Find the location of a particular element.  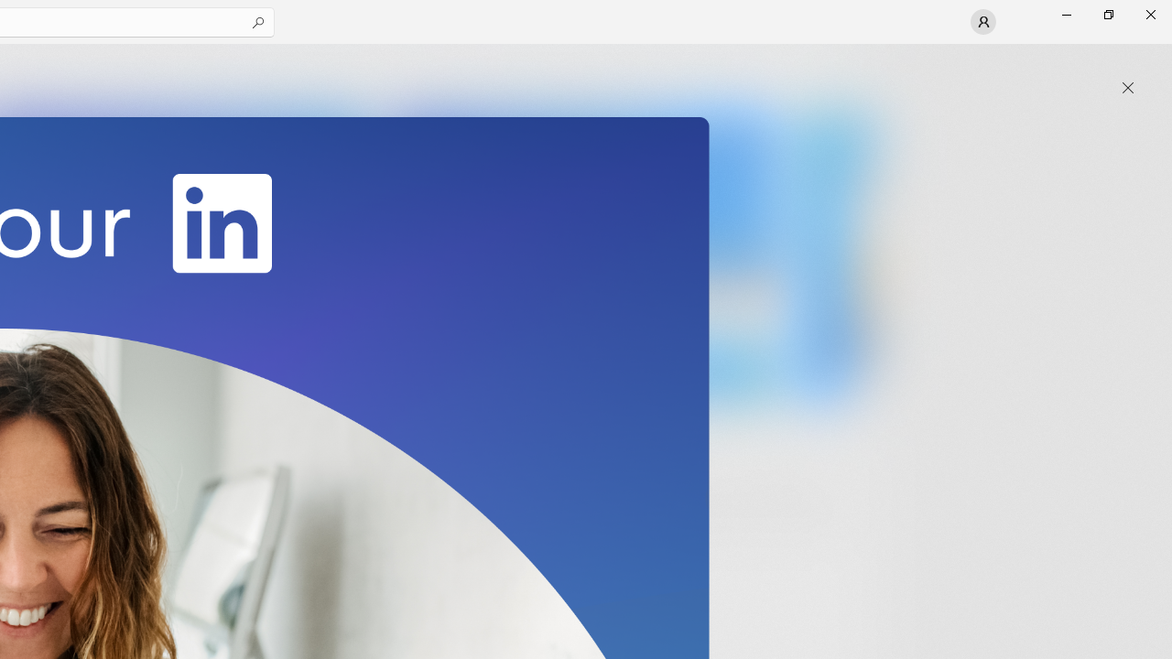

'close popup window' is located at coordinates (1127, 88).